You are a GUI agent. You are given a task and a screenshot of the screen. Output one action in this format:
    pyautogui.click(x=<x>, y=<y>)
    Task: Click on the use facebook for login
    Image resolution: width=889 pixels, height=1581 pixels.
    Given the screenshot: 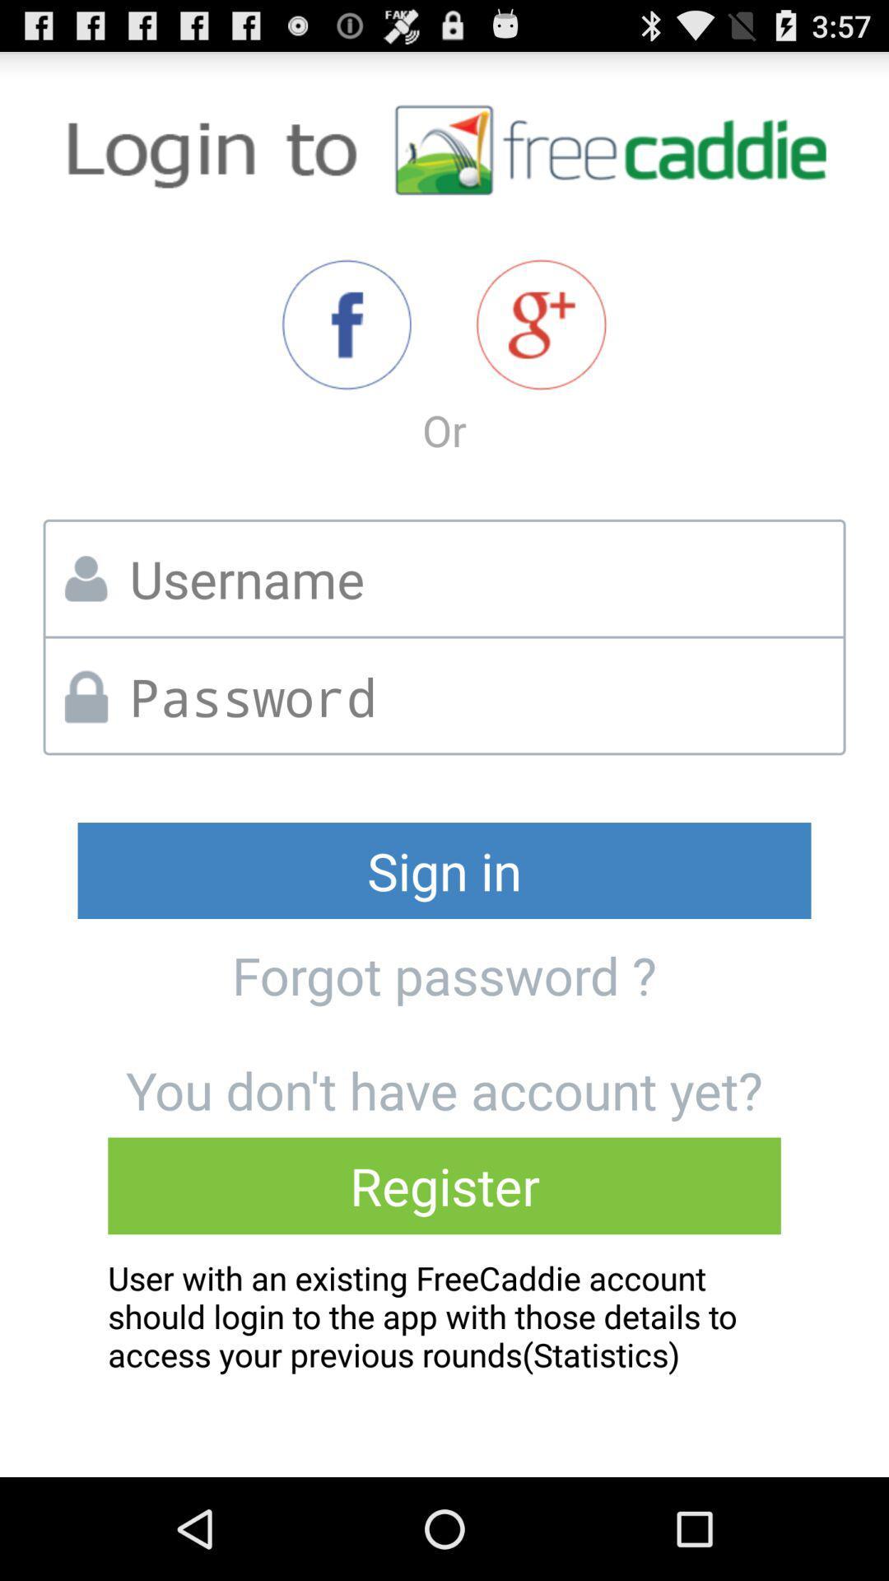 What is the action you would take?
    pyautogui.click(x=346, y=324)
    